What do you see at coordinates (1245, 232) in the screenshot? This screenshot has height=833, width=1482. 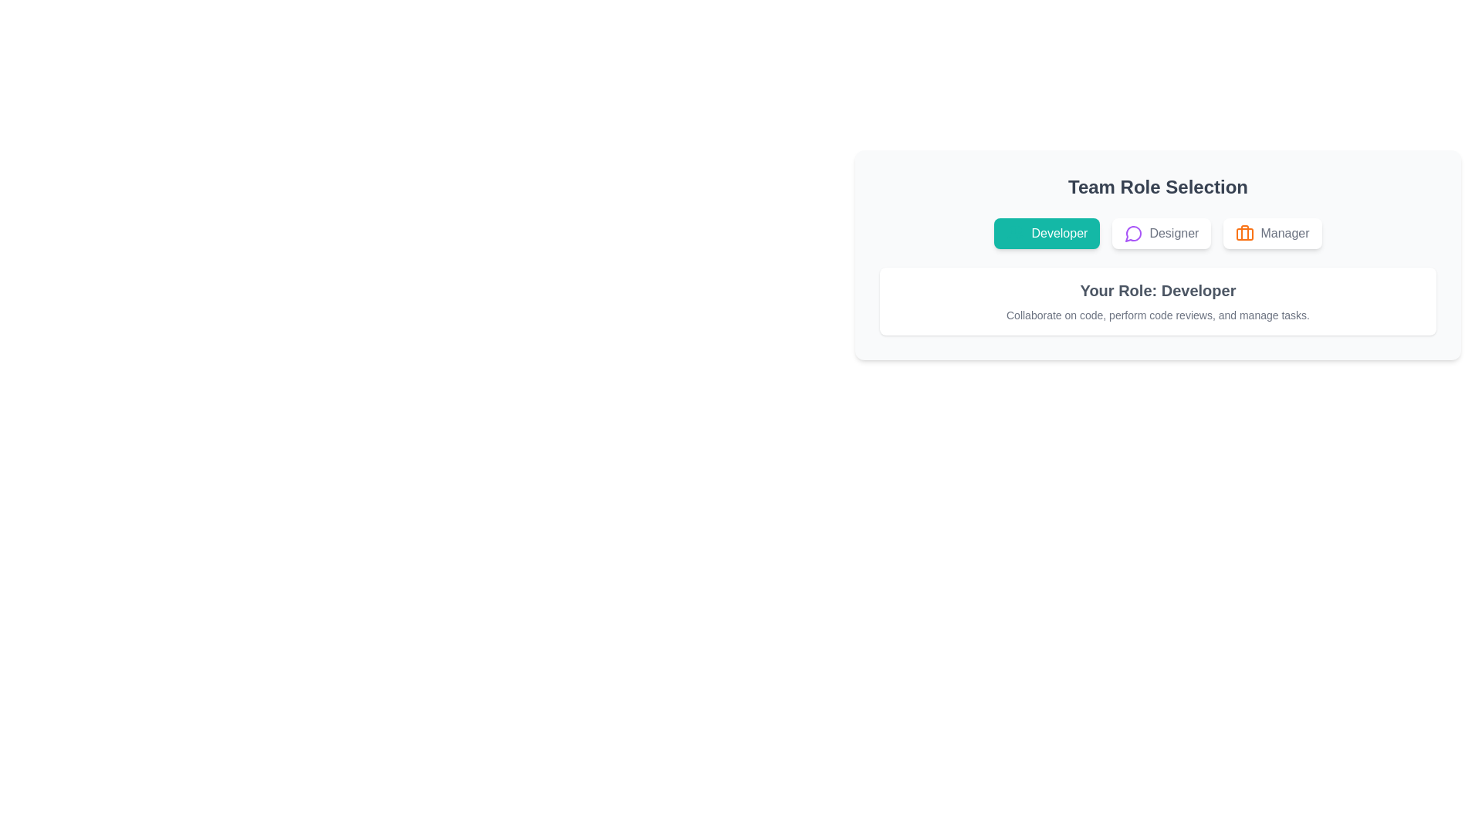 I see `vertical line within the orange suitcase icon of the 'Manager' button, located to the right of the 'Developer' and 'Designer' buttons, under the 'Team Role Selection' heading` at bounding box center [1245, 232].